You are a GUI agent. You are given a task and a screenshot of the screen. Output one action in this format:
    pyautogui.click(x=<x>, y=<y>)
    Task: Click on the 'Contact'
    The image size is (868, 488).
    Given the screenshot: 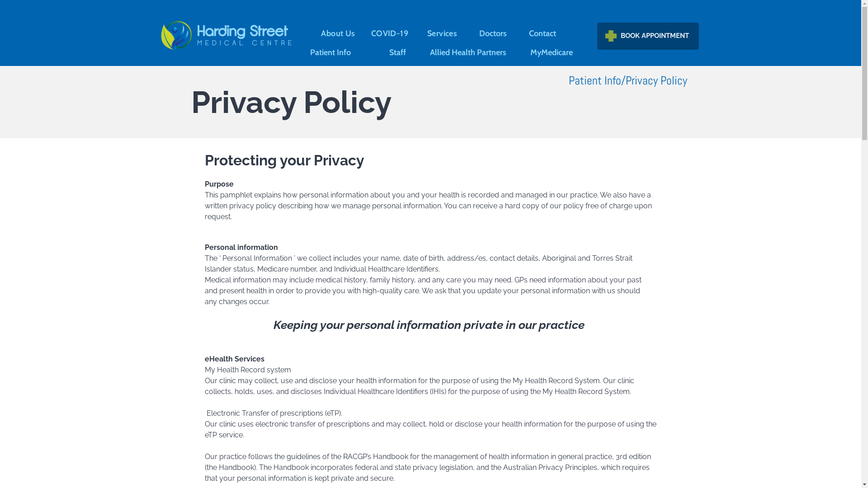 What is the action you would take?
    pyautogui.click(x=542, y=33)
    